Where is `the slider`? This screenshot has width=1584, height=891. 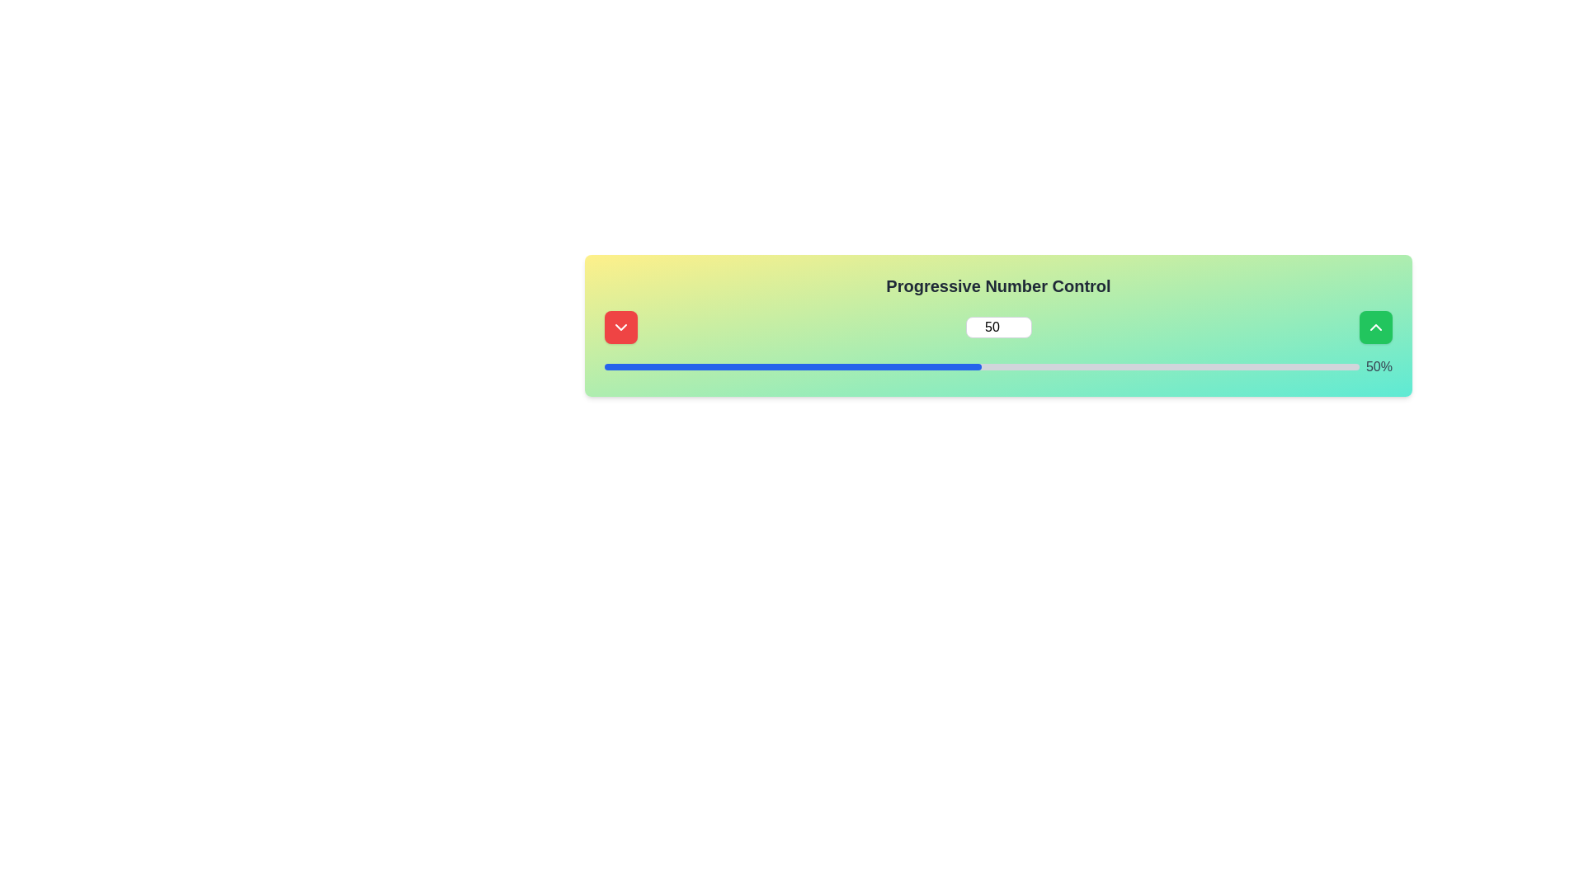 the slider is located at coordinates (1238, 365).